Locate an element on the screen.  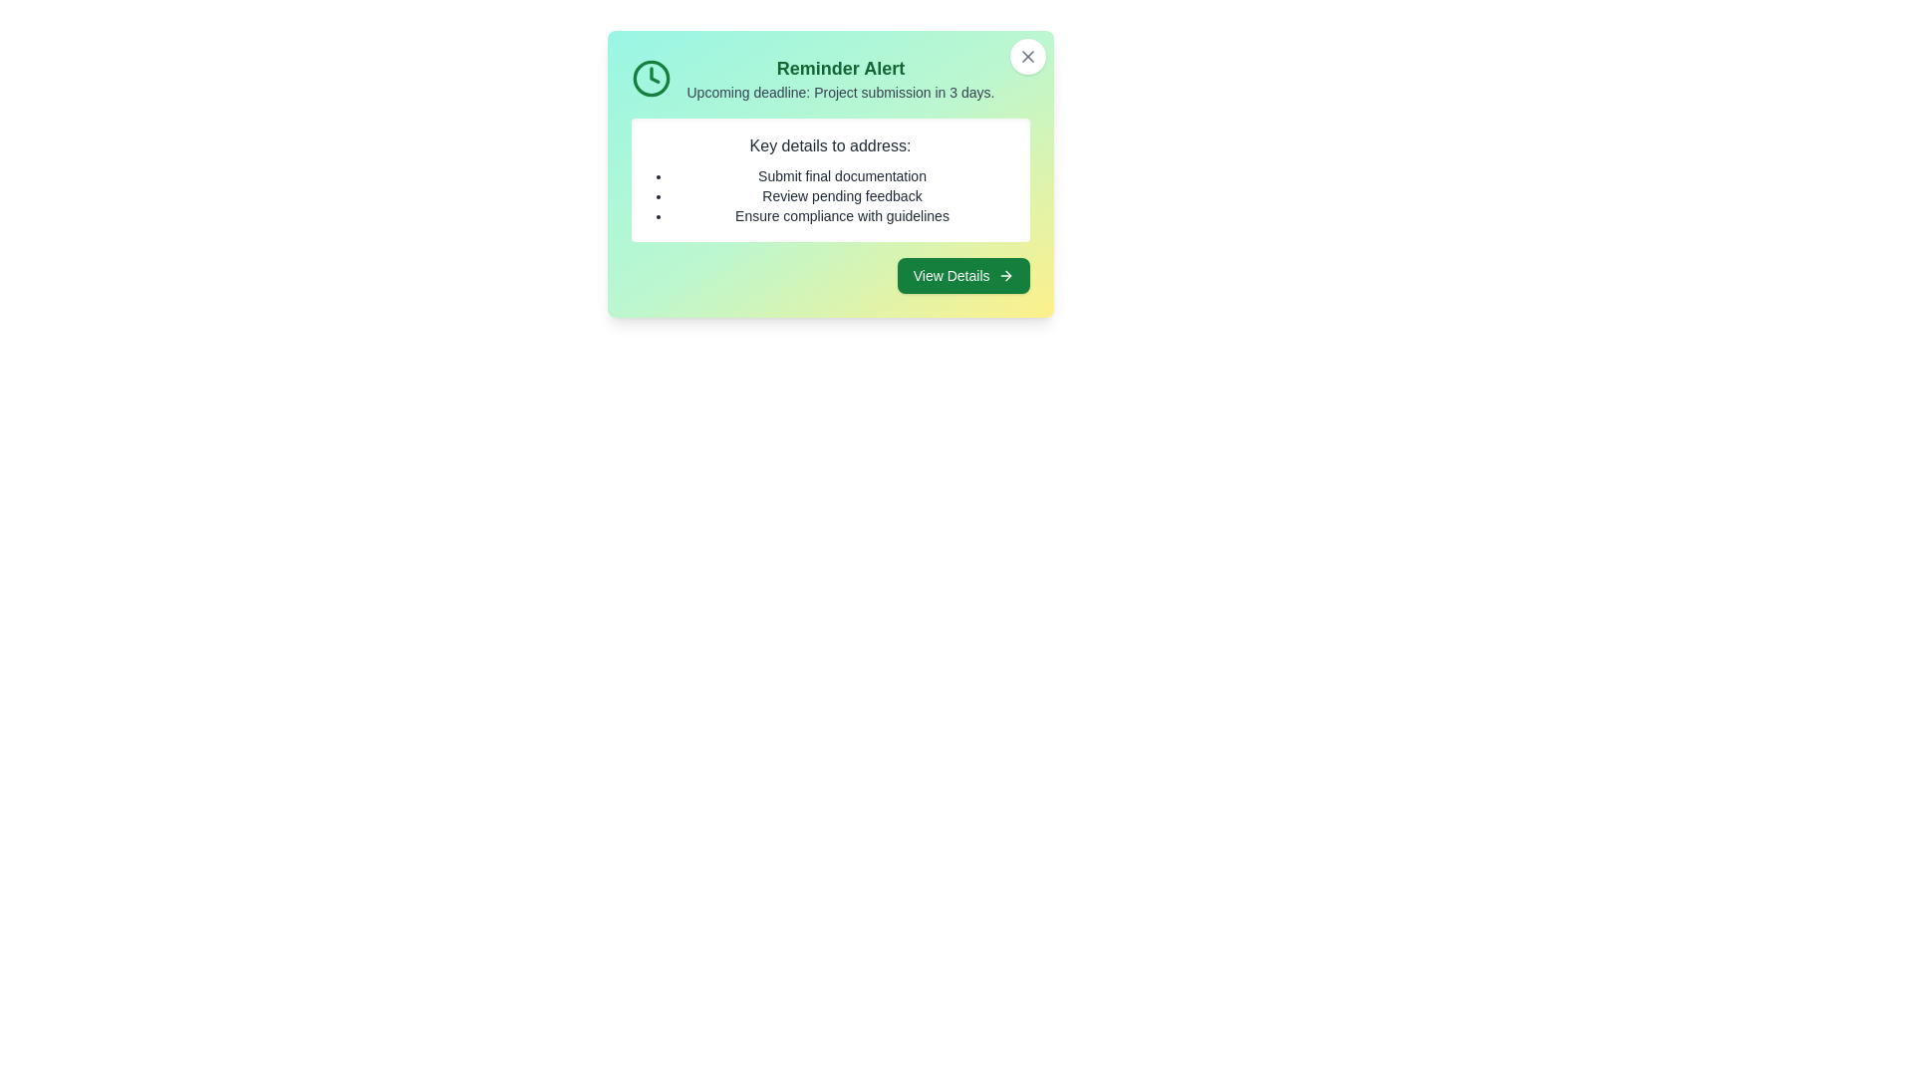
the close button located at the top-right corner of the notification alert is located at coordinates (1027, 56).